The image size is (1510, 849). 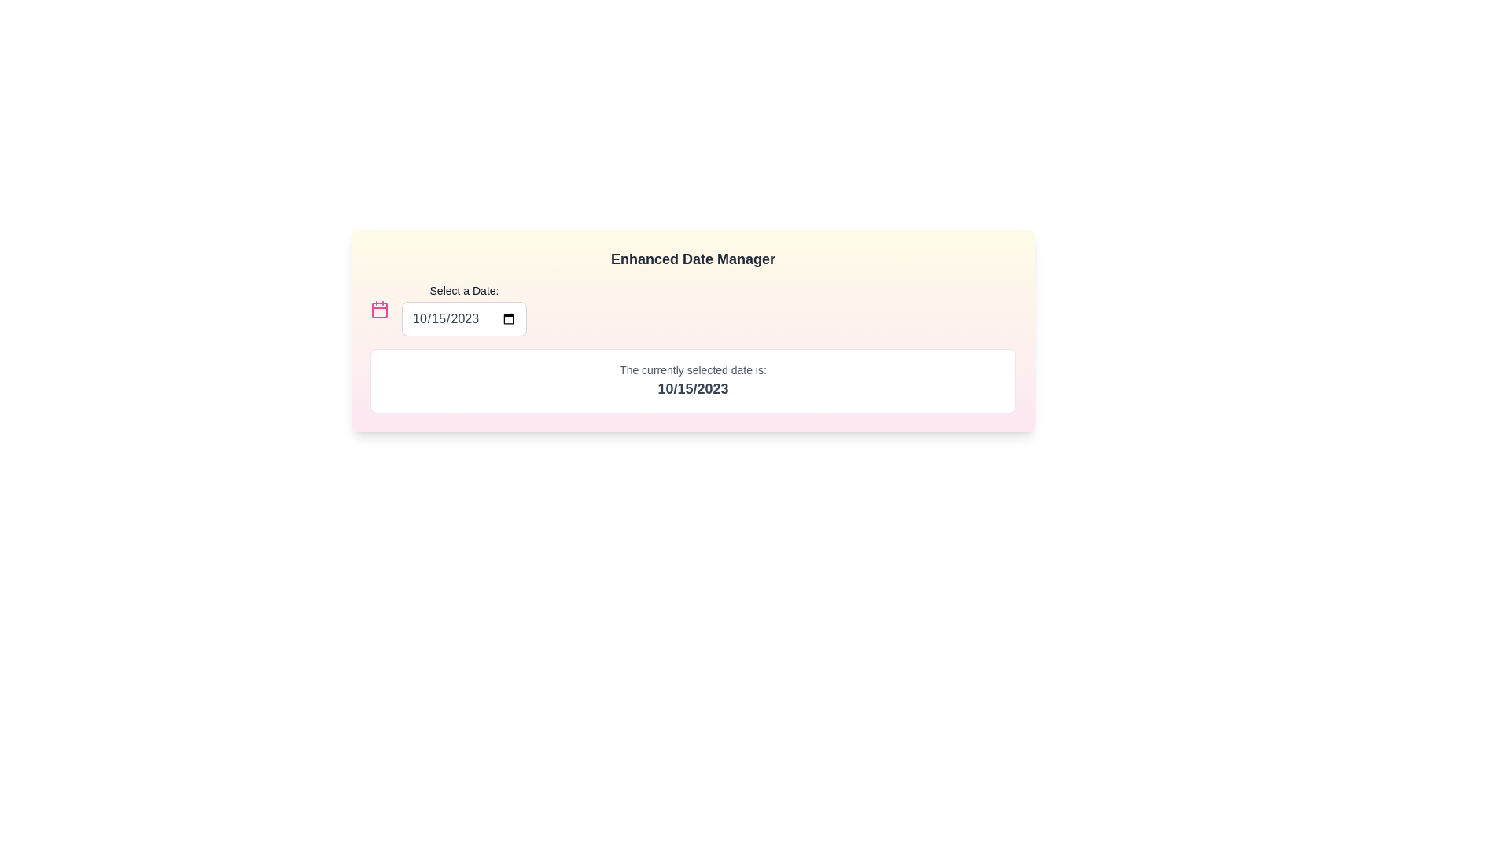 I want to click on the text label displaying 'Select a Date:' which is positioned above the date input field, so click(x=463, y=291).